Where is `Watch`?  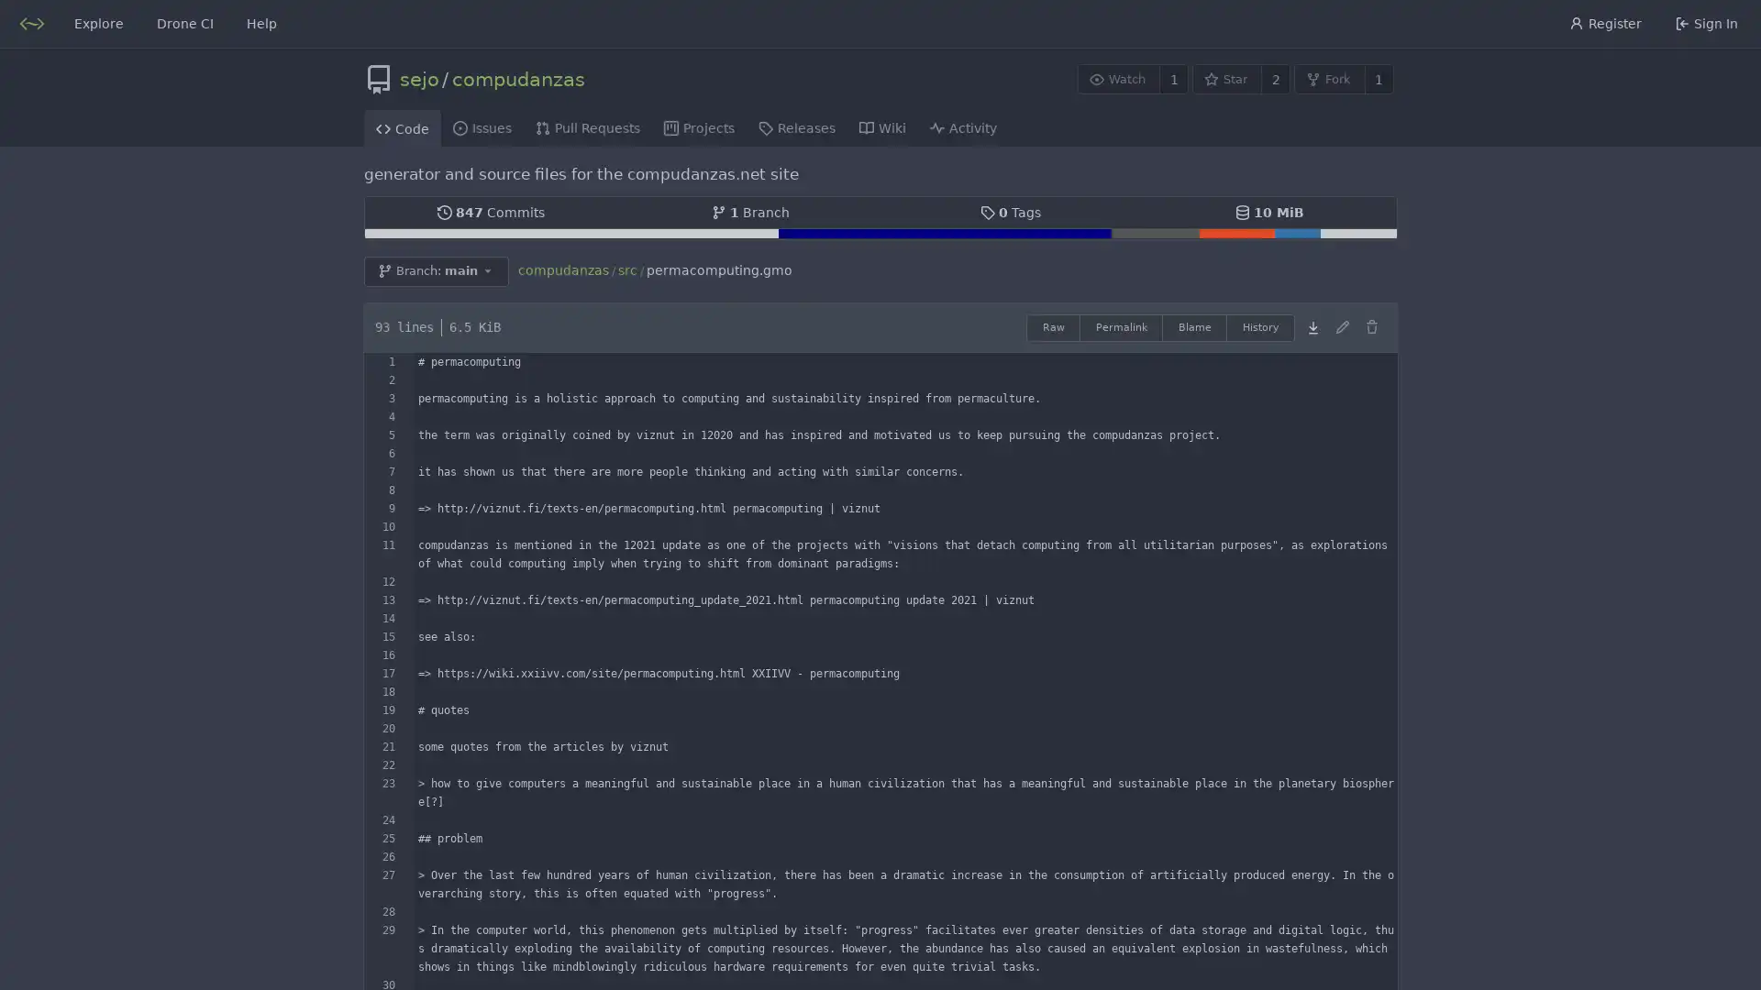
Watch is located at coordinates (1117, 78).